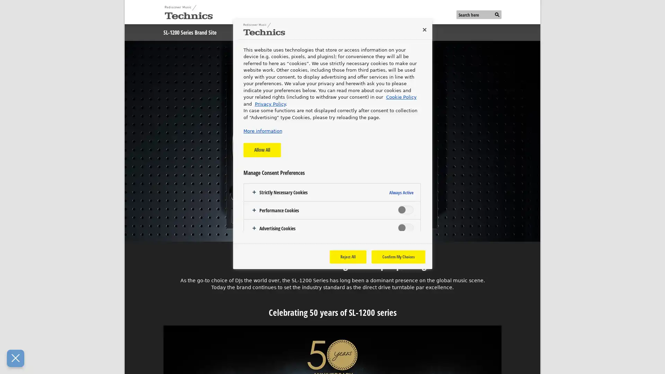 This screenshot has height=374, width=665. What do you see at coordinates (331, 192) in the screenshot?
I see `Strictly Necessary Cookies` at bounding box center [331, 192].